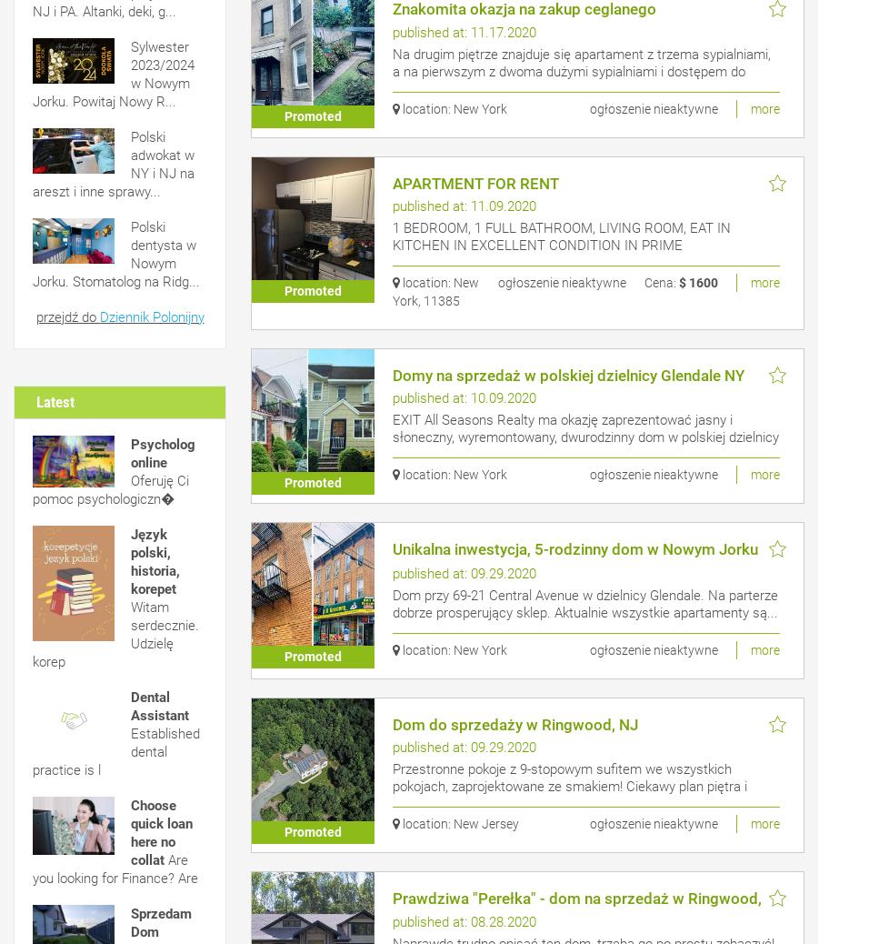 Image resolution: width=889 pixels, height=944 pixels. Describe the element at coordinates (464, 32) in the screenshot. I see `'published at: 11.17.2020'` at that location.